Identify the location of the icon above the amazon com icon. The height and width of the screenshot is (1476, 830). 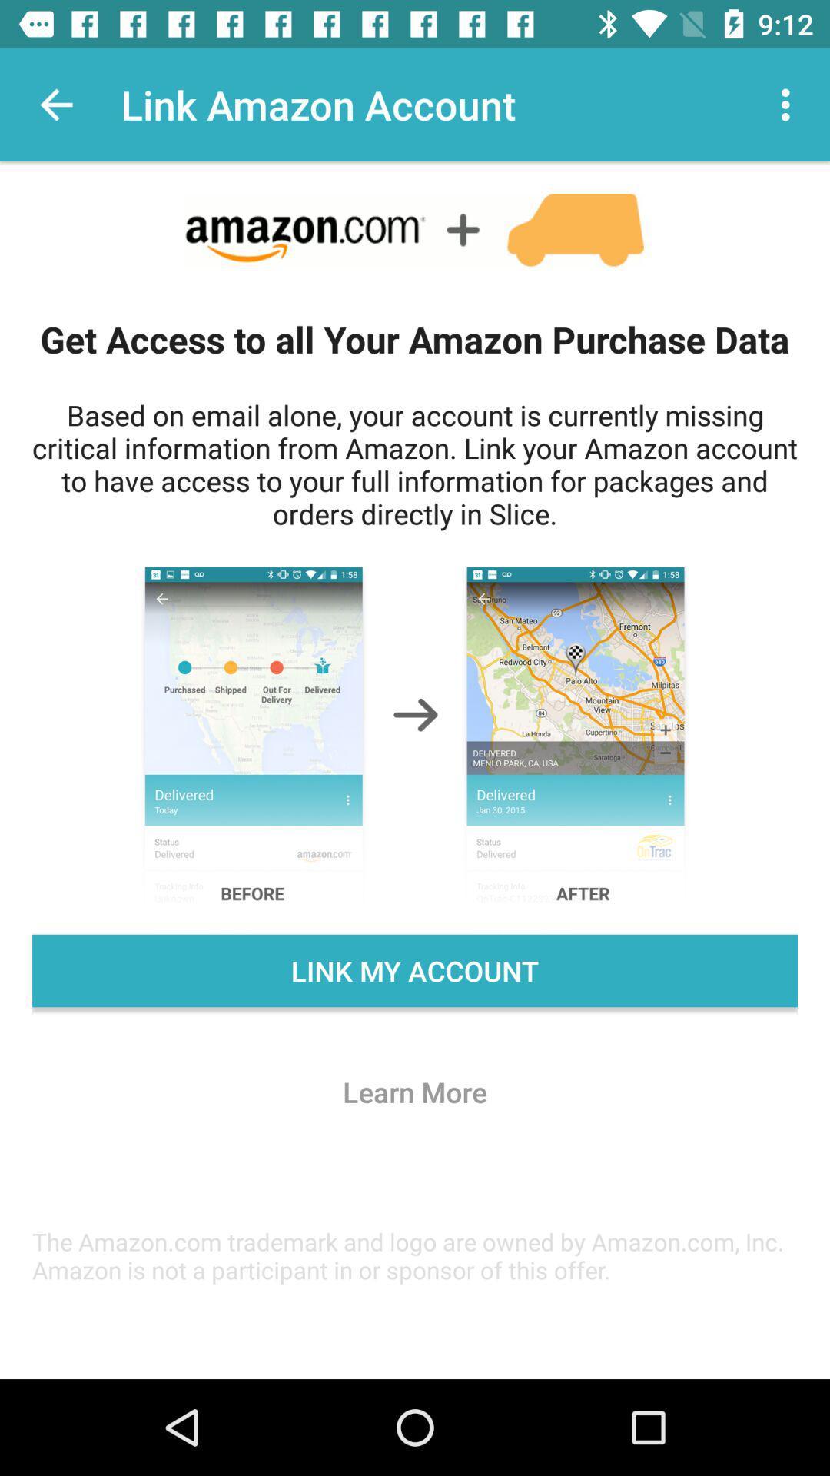
(415, 1091).